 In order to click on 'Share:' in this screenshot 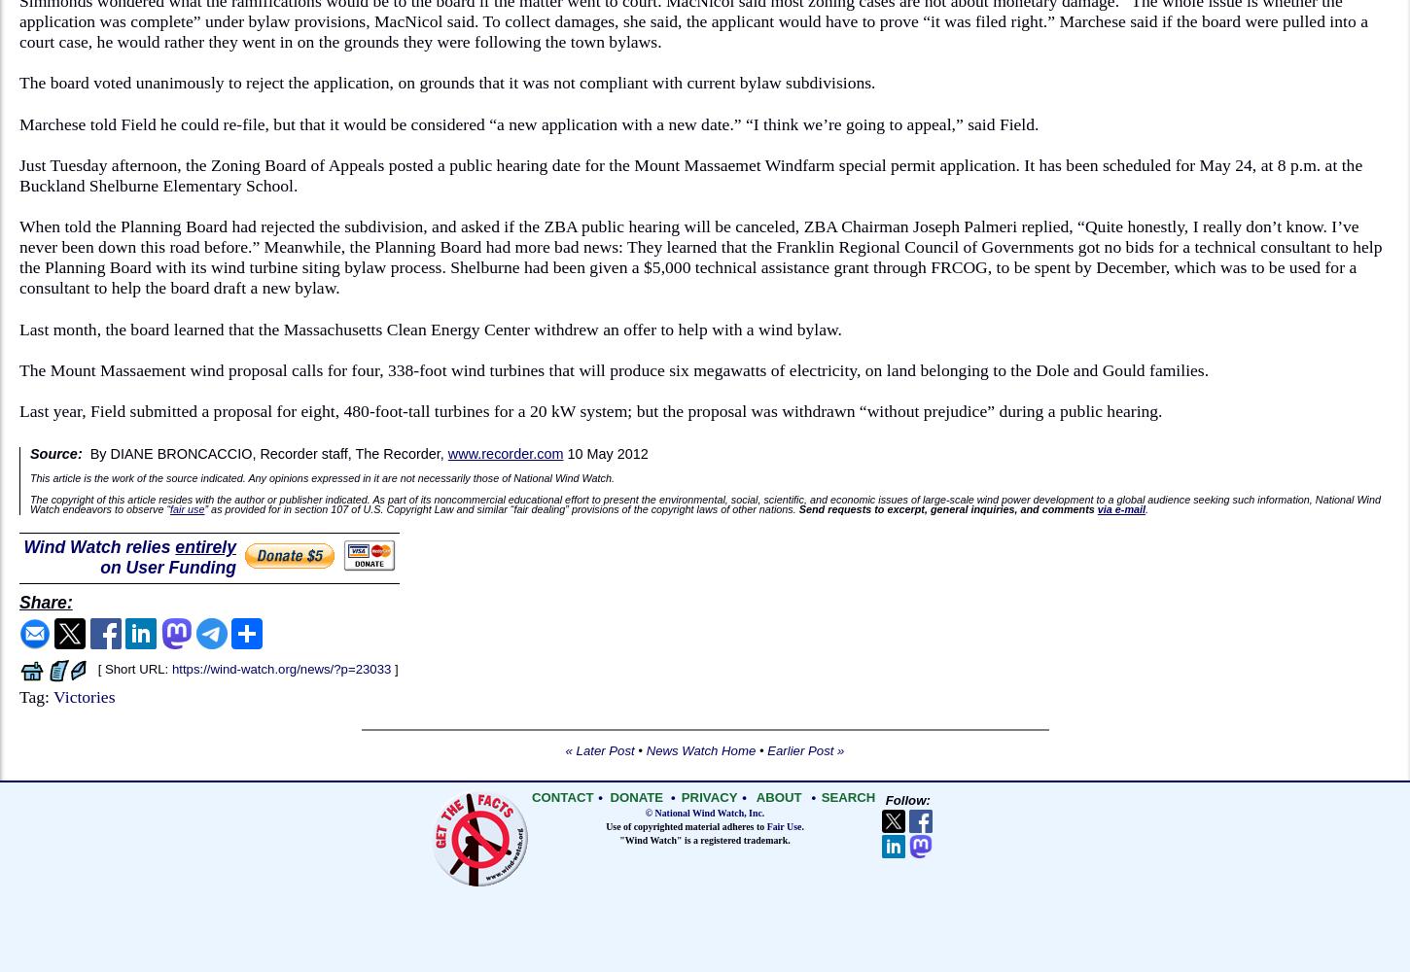, I will do `click(45, 601)`.